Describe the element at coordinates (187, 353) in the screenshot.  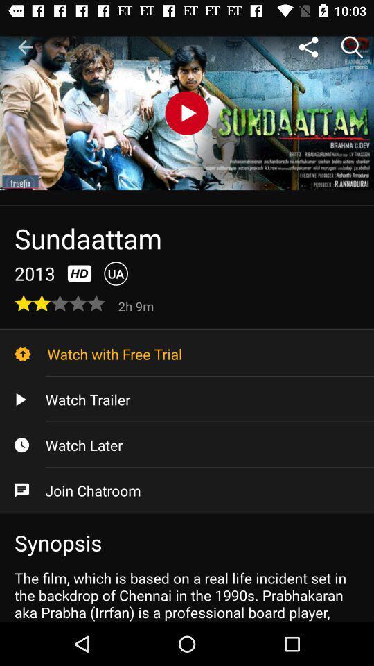
I see `icon below the 2h 9m  icon` at that location.